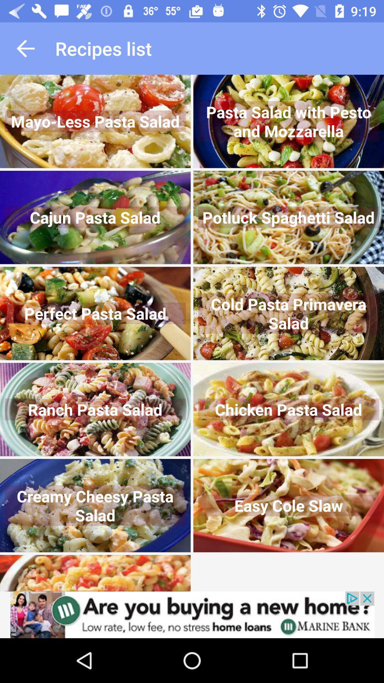 The height and width of the screenshot is (683, 384). Describe the element at coordinates (289, 121) in the screenshot. I see `the first image from right top of the page` at that location.